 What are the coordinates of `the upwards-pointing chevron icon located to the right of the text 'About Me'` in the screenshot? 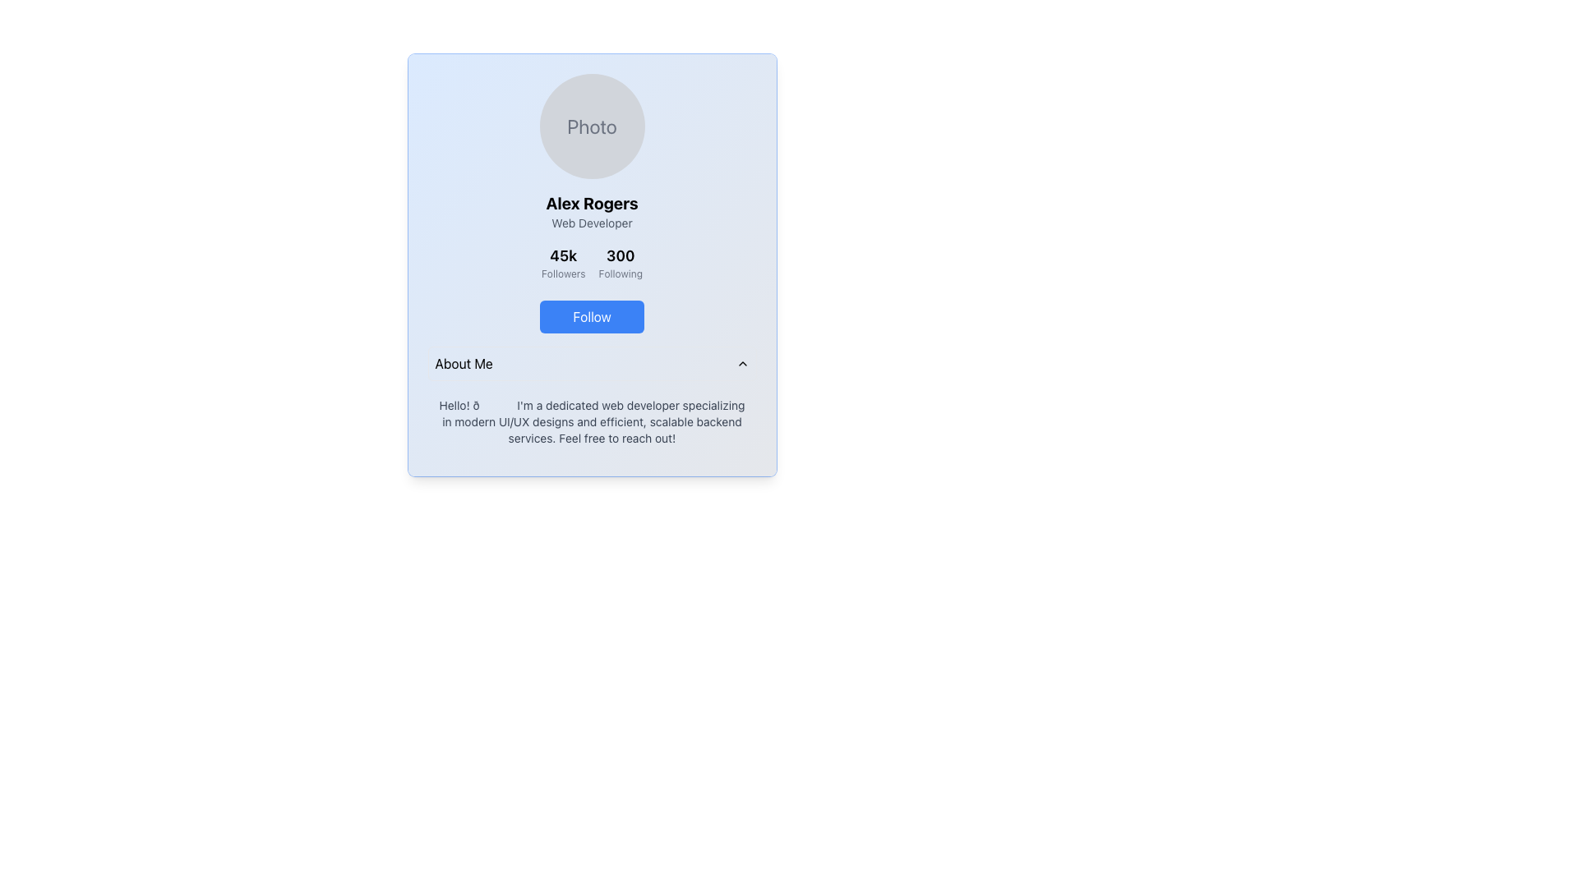 It's located at (741, 363).